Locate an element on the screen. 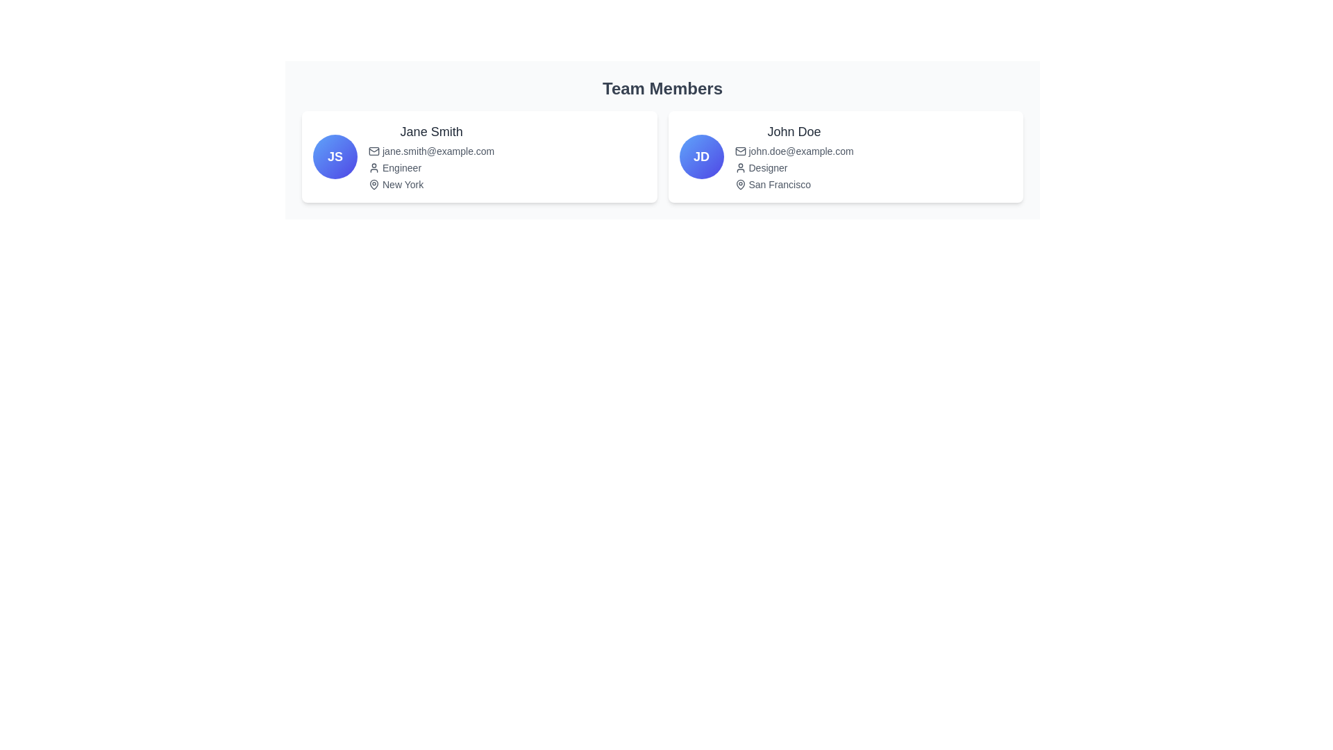 This screenshot has height=750, width=1333. email address displayed in the text label for 'Jane Smith', which is positioned below her name and above her role 'Engineer' is located at coordinates (430, 151).